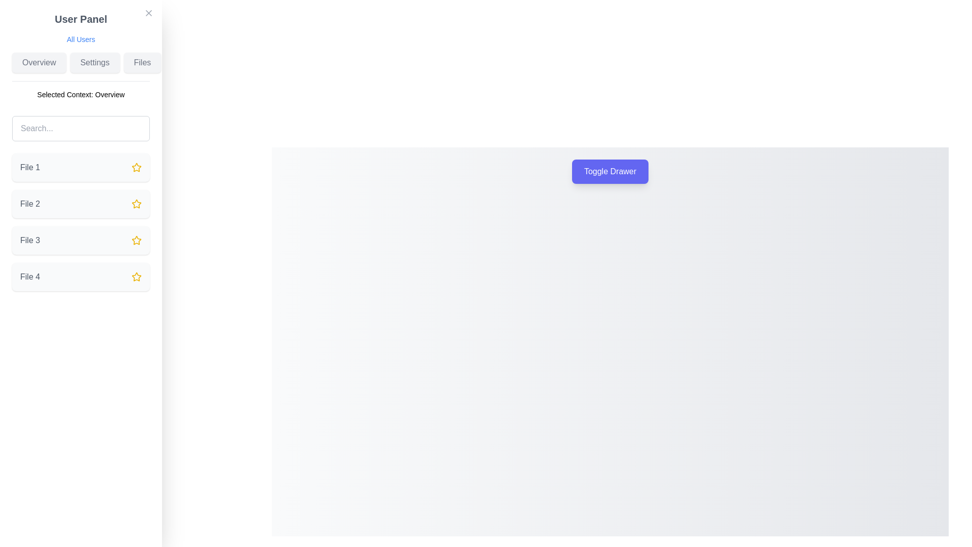  Describe the element at coordinates (80, 220) in the screenshot. I see `the second list item in the 'Files' section, which is located below 'File 1' and above 'File 3'` at that location.